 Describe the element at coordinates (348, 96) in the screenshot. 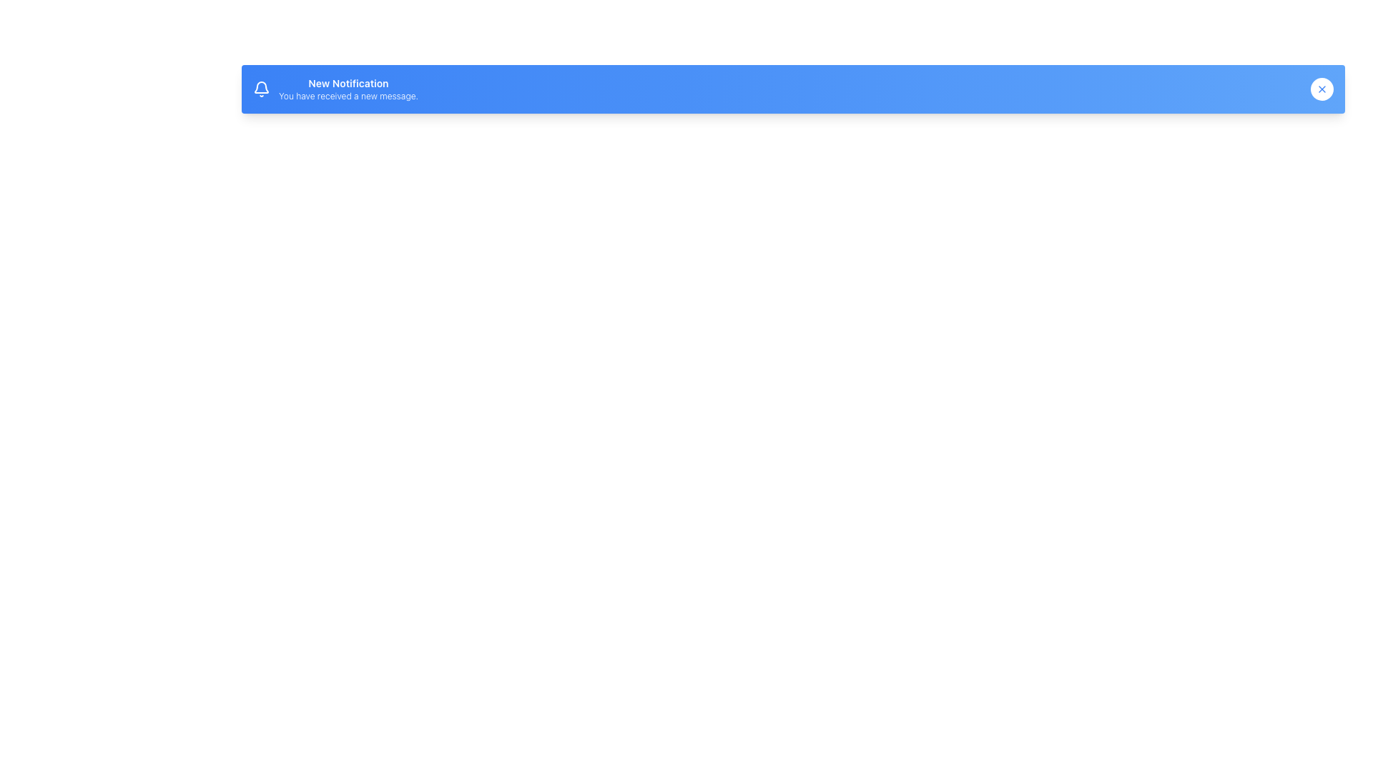

I see `the static text element providing additional details under the 'New Notification' heading in the blue notification bar` at that location.